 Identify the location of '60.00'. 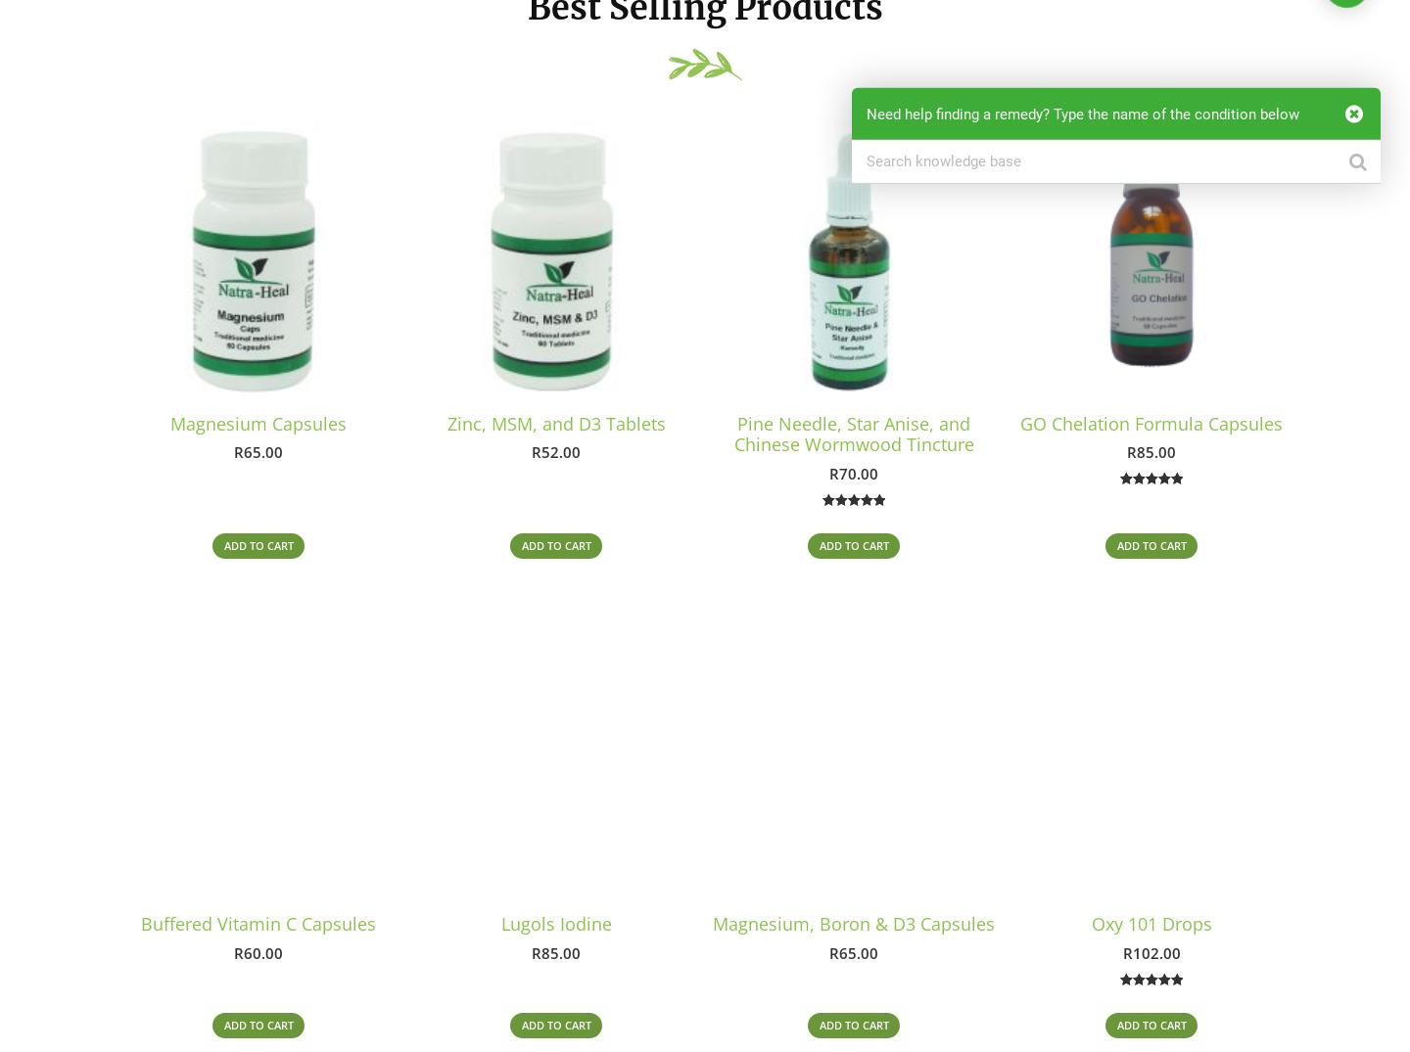
(261, 954).